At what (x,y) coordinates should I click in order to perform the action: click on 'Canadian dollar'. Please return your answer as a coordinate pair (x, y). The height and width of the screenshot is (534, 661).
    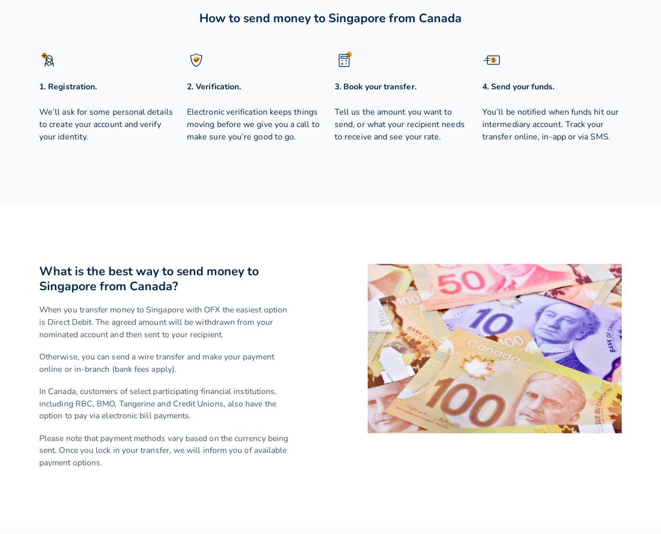
    Looking at the image, I should click on (249, 285).